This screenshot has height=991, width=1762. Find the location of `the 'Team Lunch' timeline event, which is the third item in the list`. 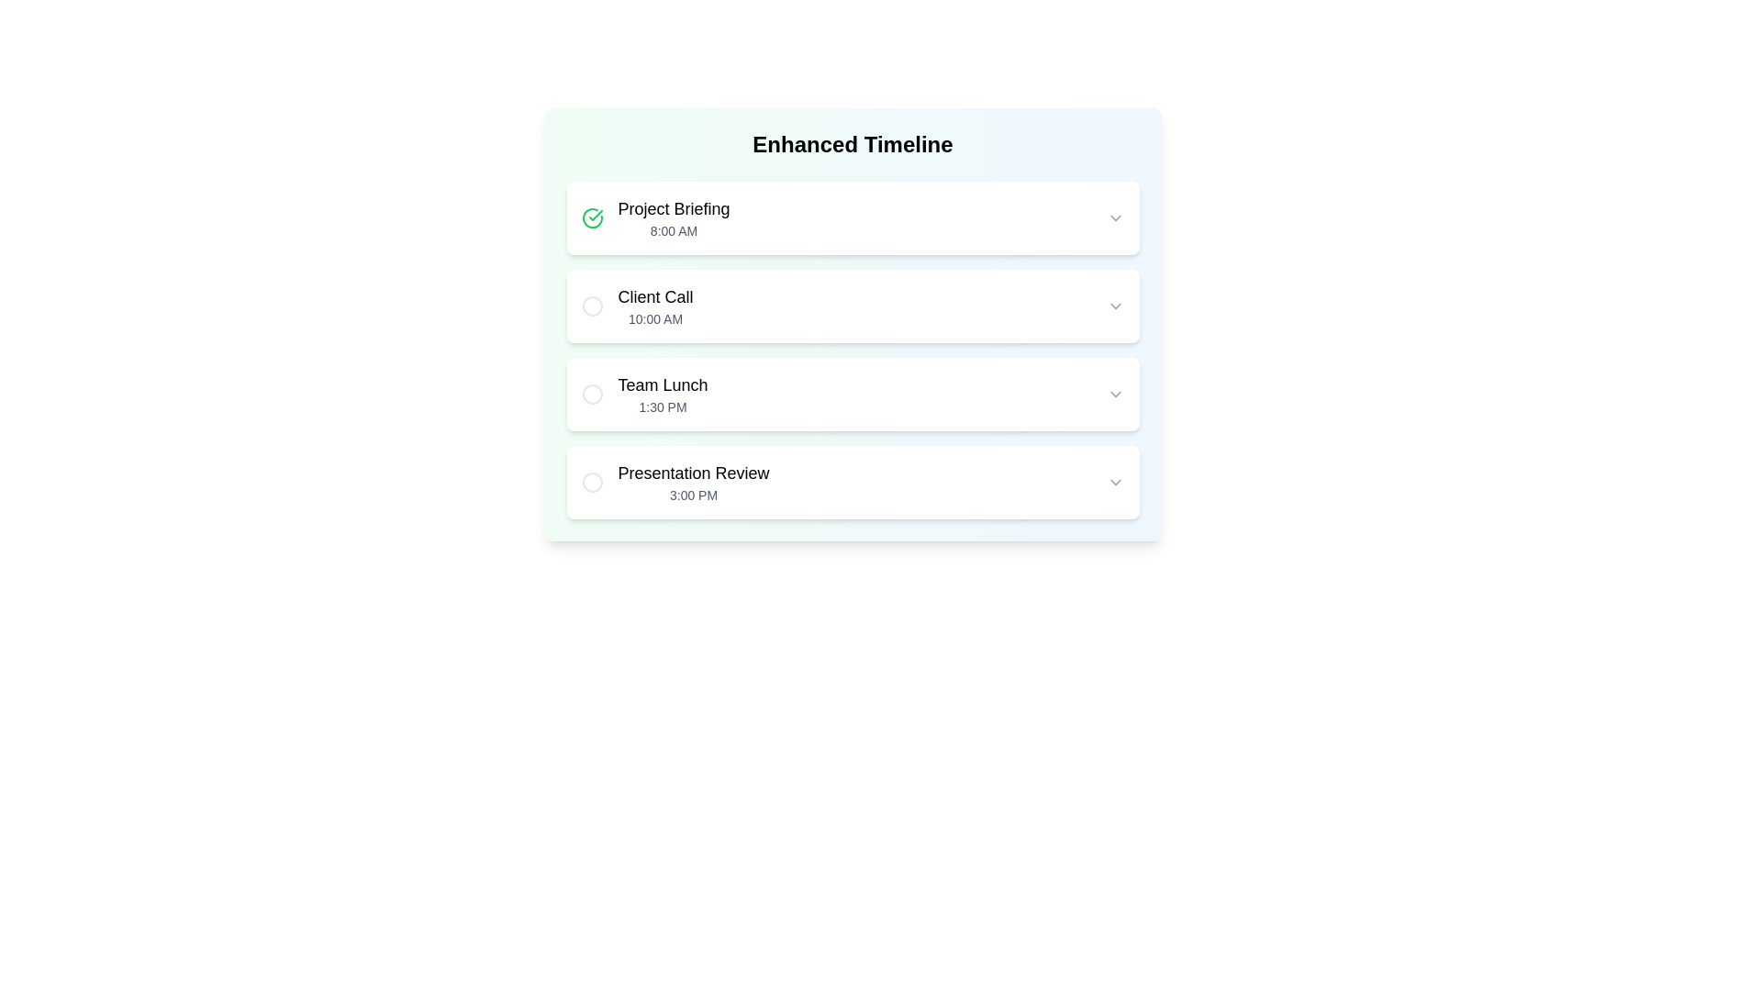

the 'Team Lunch' timeline event, which is the third item in the list is located at coordinates (852, 393).